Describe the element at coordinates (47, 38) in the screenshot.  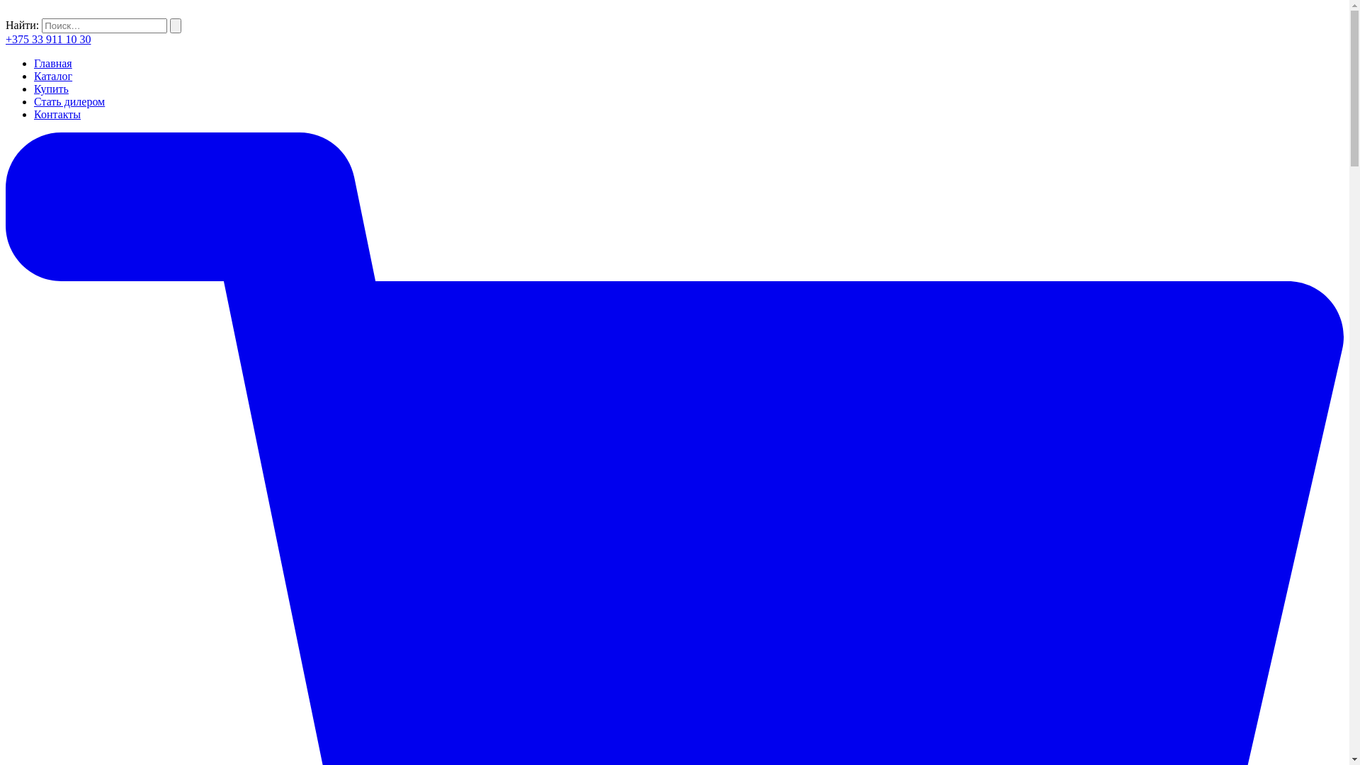
I see `'+375 33 911 10 30'` at that location.